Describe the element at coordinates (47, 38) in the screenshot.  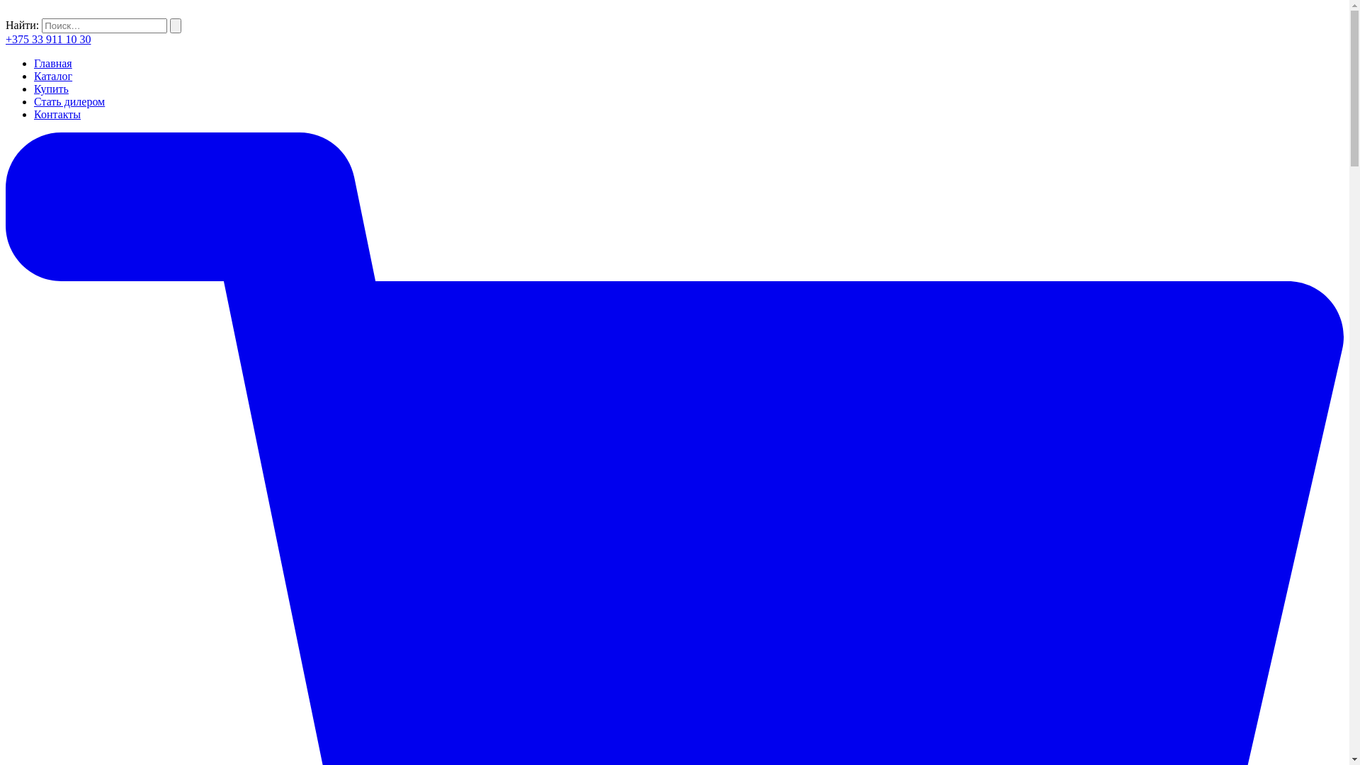
I see `'+375 33 911 10 30'` at that location.